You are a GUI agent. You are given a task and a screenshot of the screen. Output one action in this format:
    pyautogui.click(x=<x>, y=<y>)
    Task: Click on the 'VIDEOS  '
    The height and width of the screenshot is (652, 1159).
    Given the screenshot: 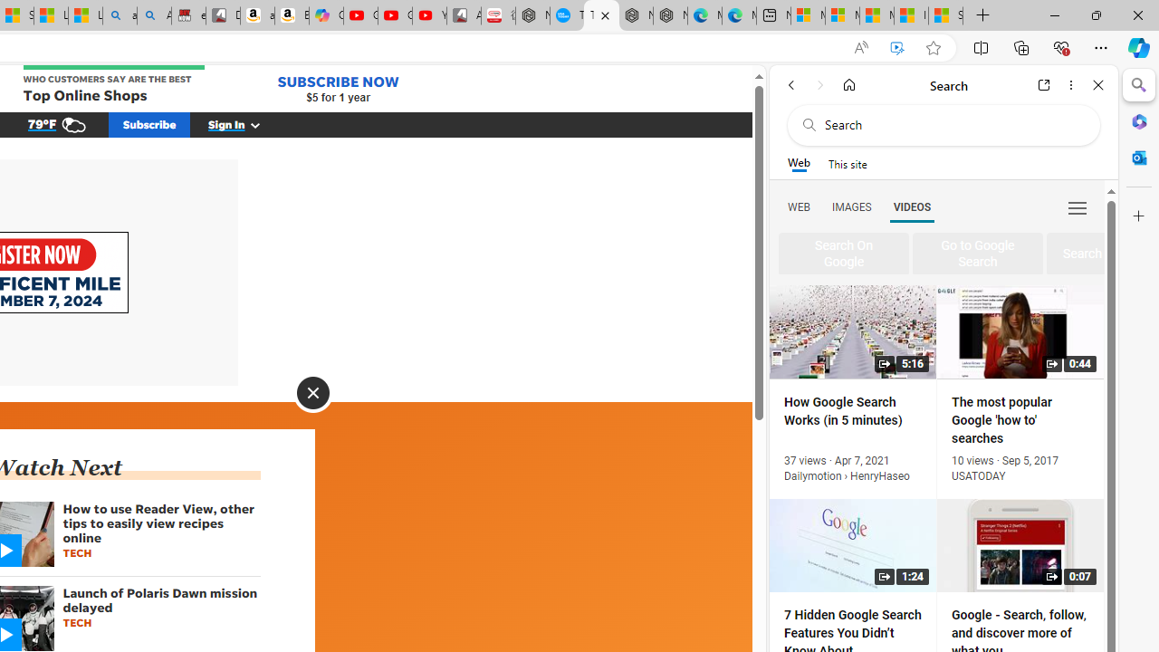 What is the action you would take?
    pyautogui.click(x=912, y=206)
    